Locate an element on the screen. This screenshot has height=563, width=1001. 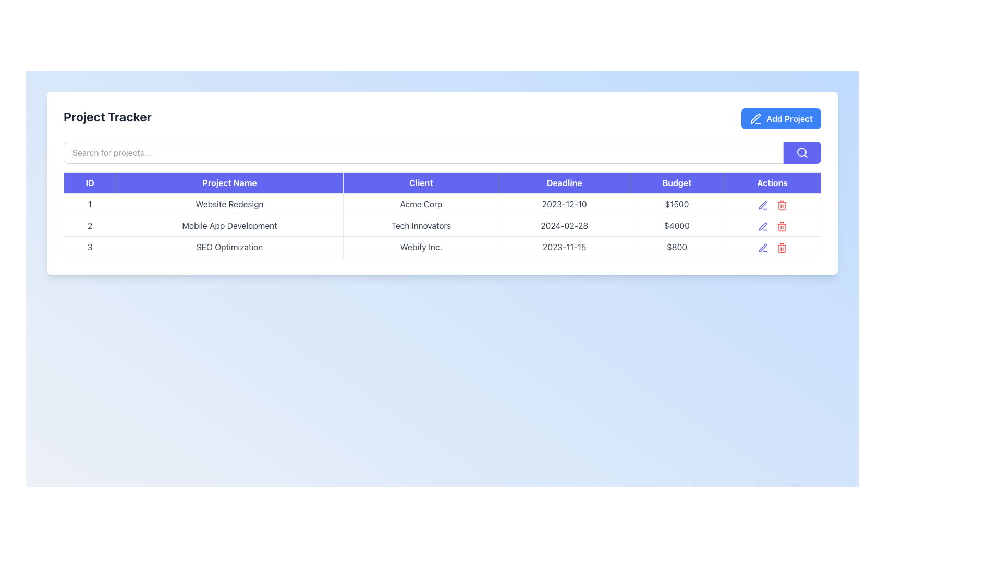
the blue rectangular button labeled 'Add Project' with a pen icon to change its color is located at coordinates (781, 118).